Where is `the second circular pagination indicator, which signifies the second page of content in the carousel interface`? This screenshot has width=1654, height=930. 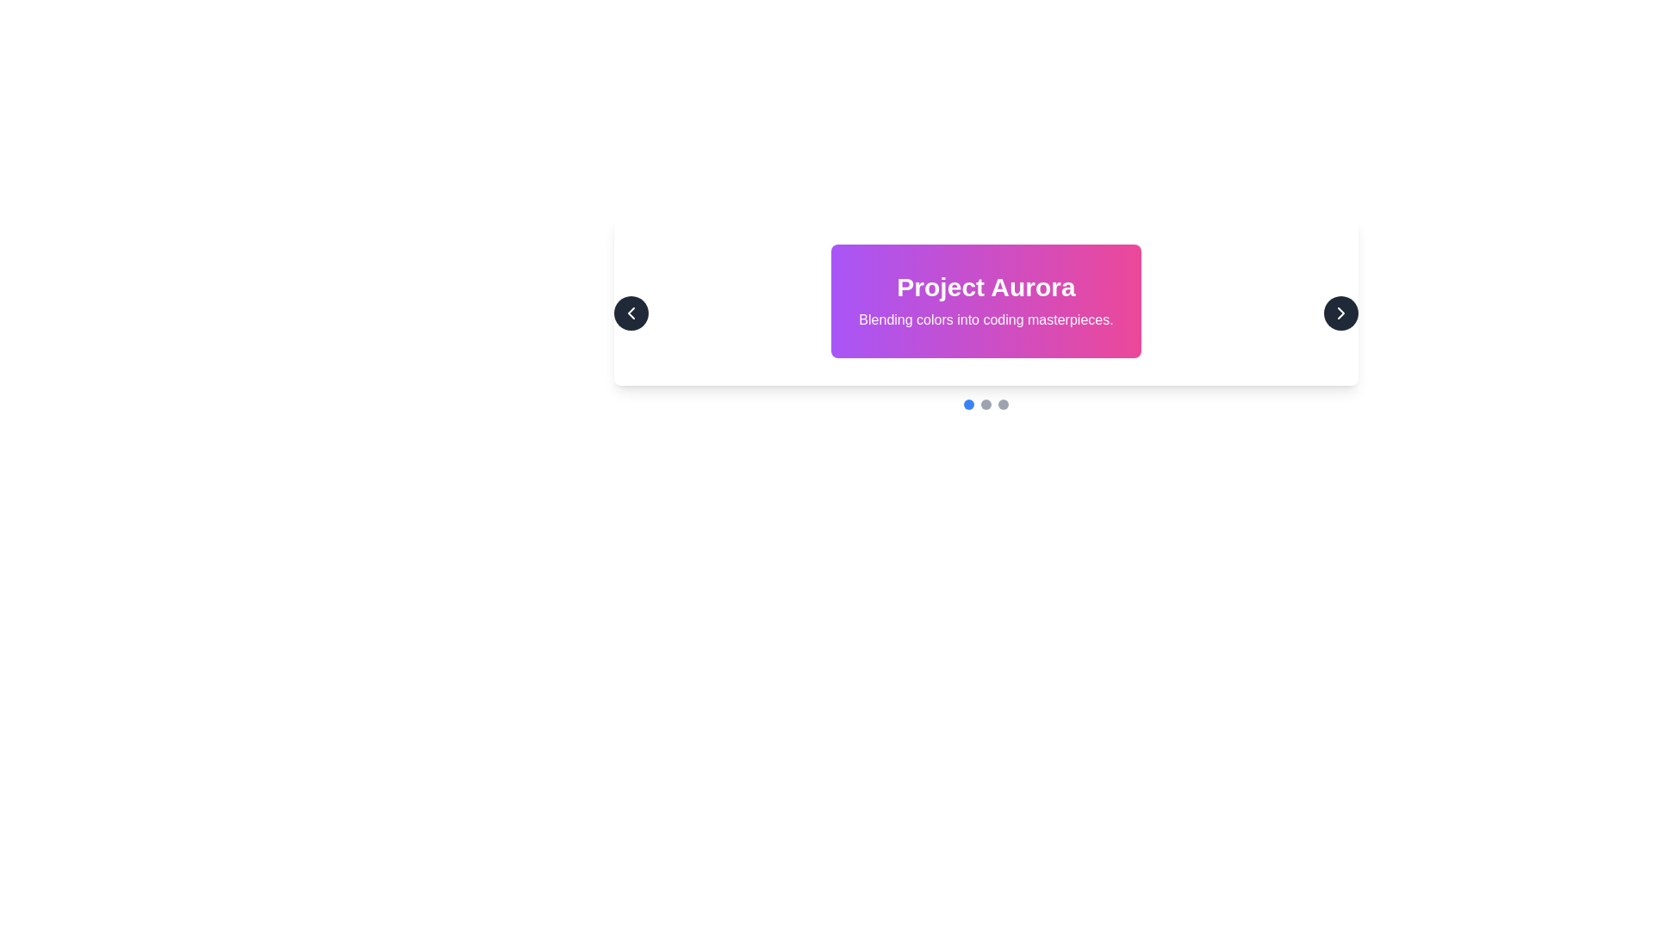
the second circular pagination indicator, which signifies the second page of content in the carousel interface is located at coordinates (986, 405).